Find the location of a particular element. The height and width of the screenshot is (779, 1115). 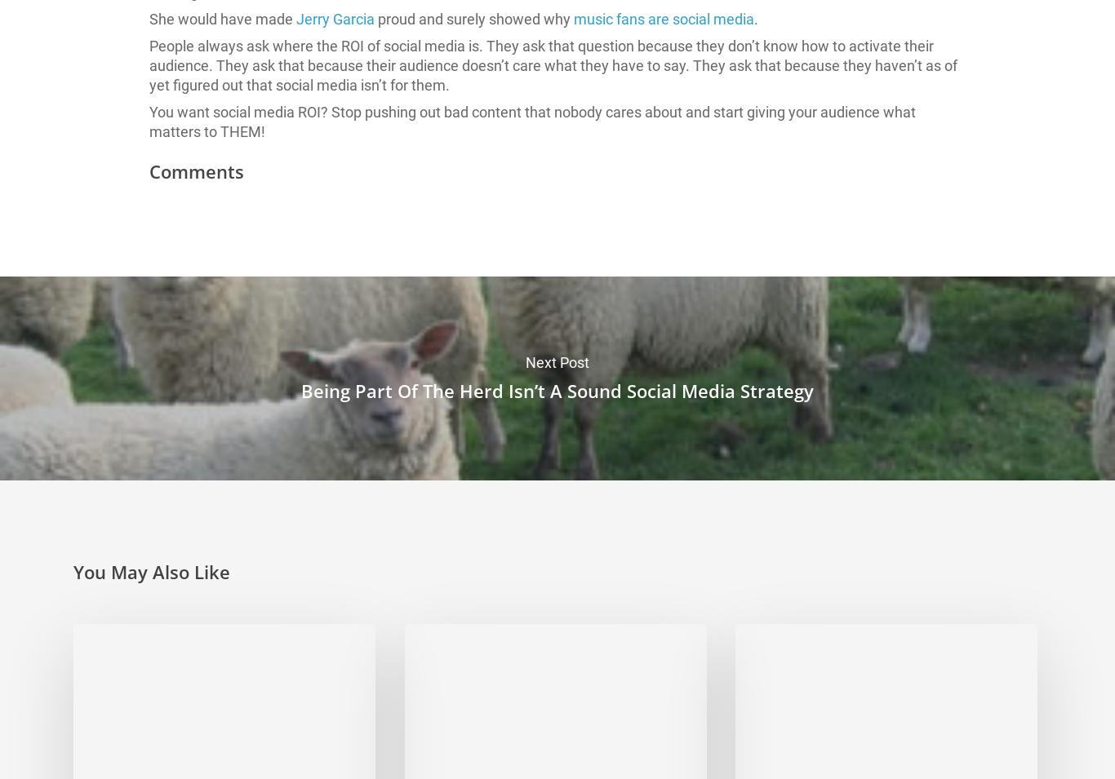

'She would have made' is located at coordinates (223, 18).